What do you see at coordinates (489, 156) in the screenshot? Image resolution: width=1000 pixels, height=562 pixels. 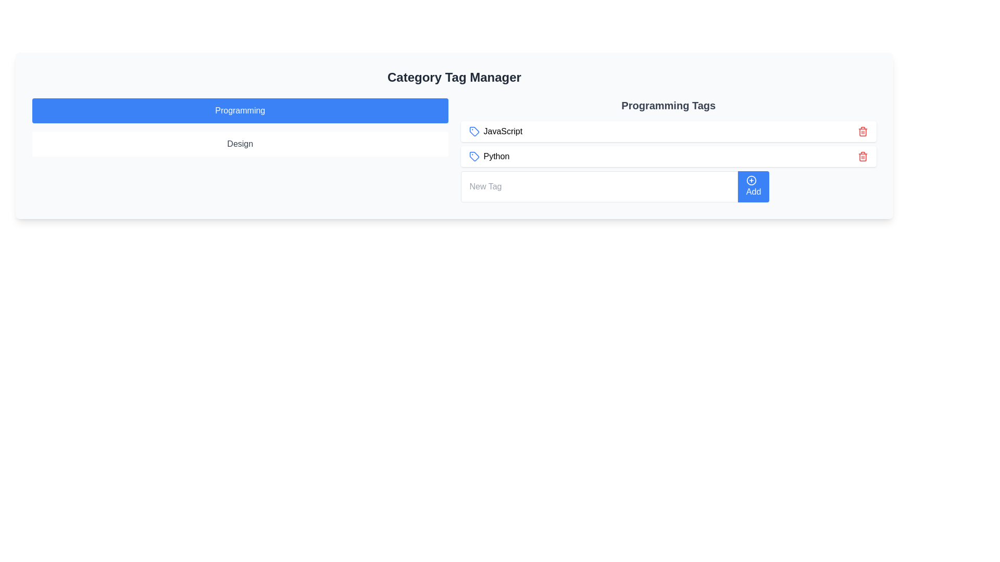 I see `the 'Python' category label located on the right side of the interface, under the header 'Programming Tags', in the second row of vertically-aligned tags` at bounding box center [489, 156].